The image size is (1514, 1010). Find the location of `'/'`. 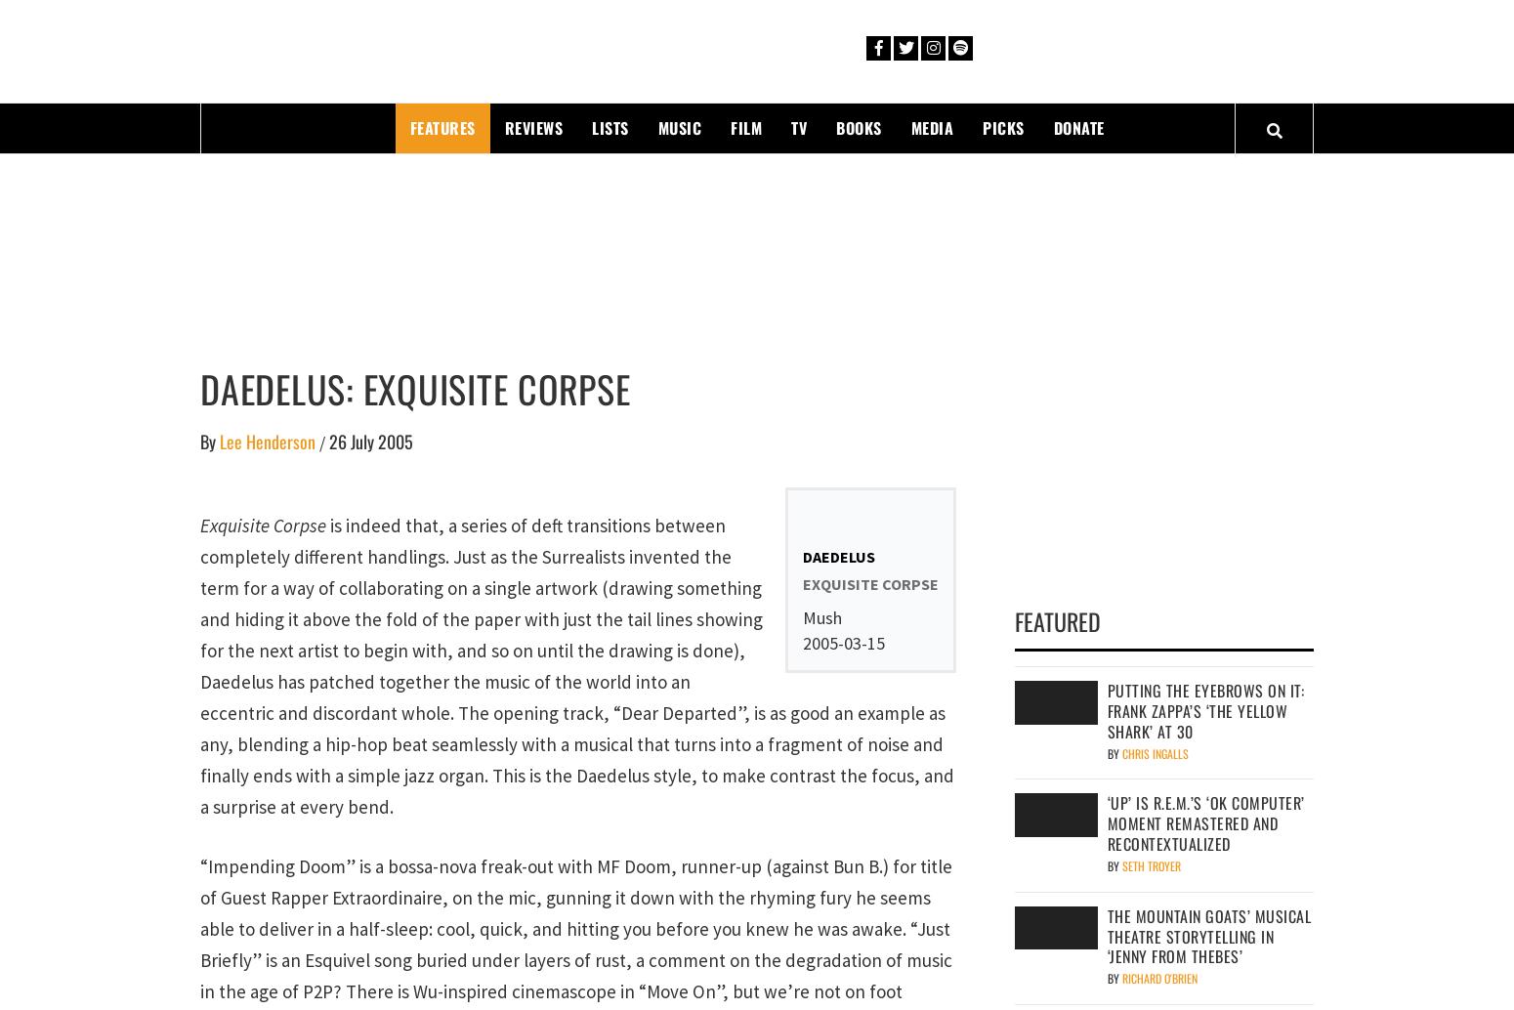

'/' is located at coordinates (320, 442).